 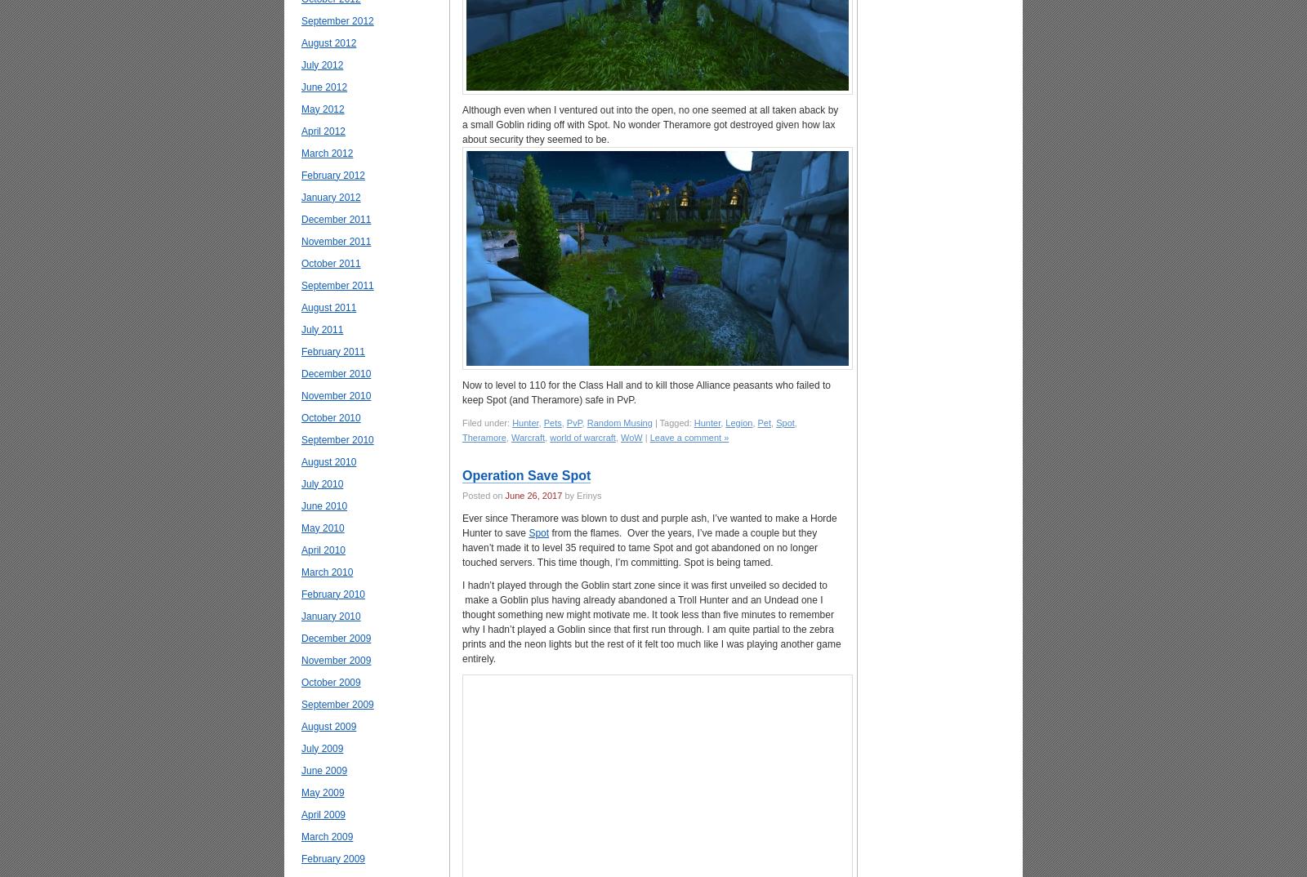 What do you see at coordinates (301, 395) in the screenshot?
I see `'November 2010'` at bounding box center [301, 395].